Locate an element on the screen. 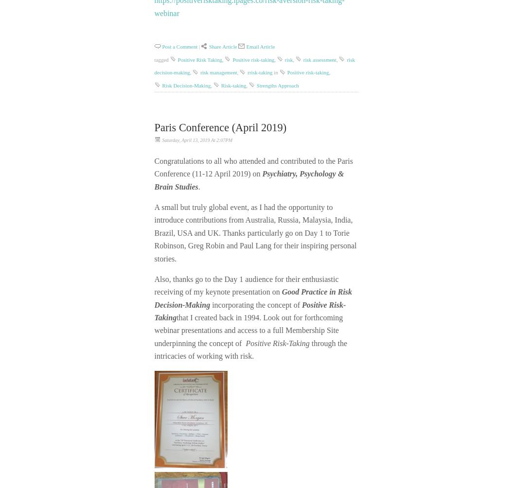 This screenshot has height=488, width=513. 'incorporating the concept of' is located at coordinates (257, 304).